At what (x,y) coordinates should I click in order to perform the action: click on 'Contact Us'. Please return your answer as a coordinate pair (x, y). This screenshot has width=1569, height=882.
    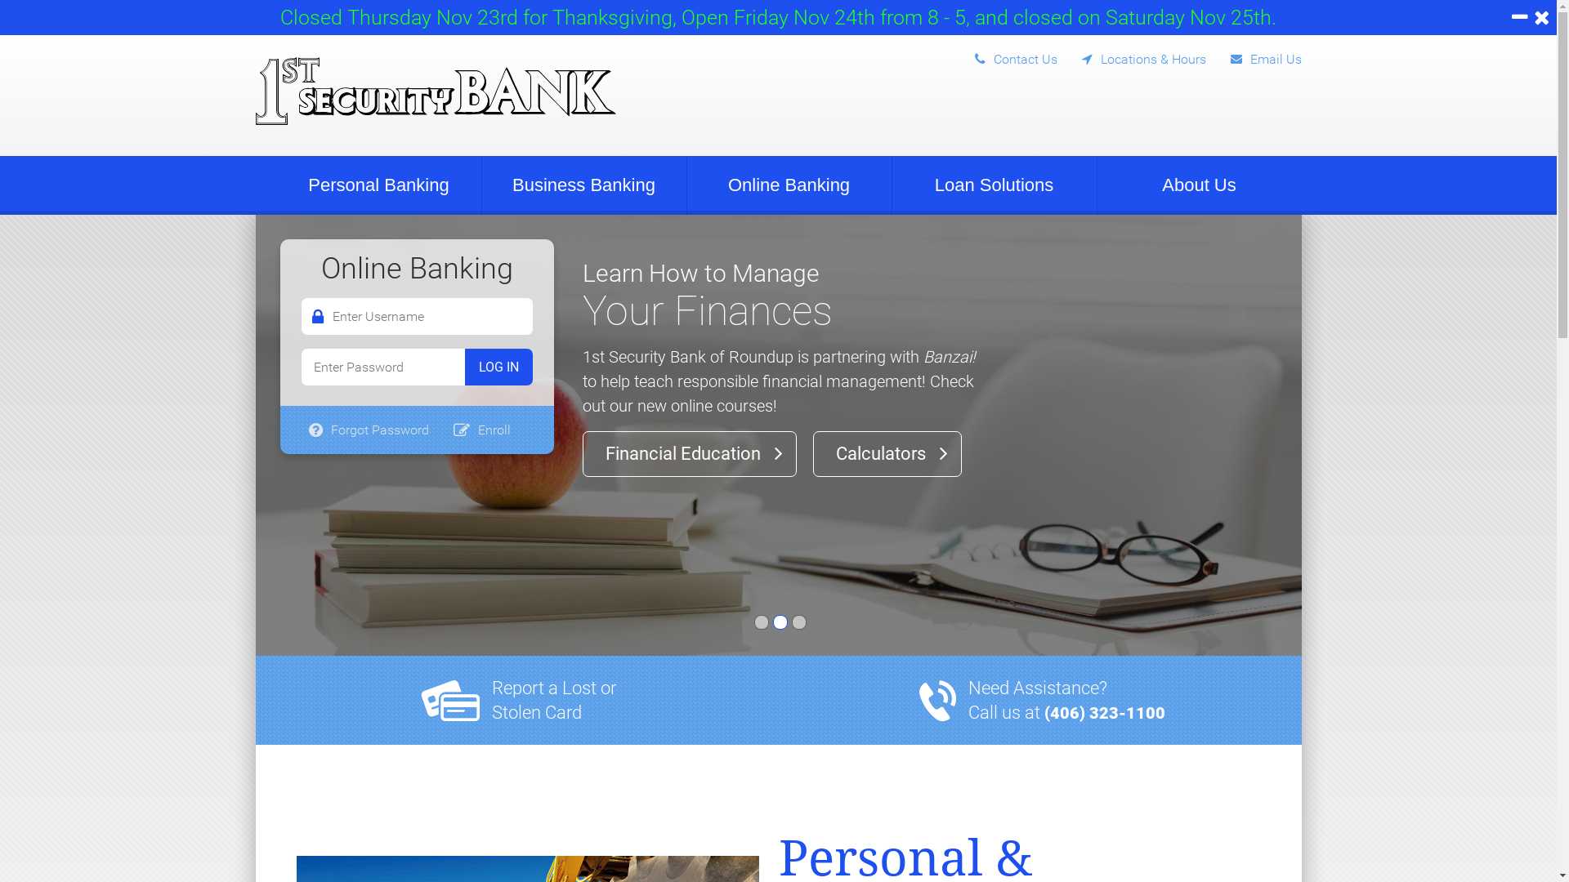
    Looking at the image, I should click on (1002, 55).